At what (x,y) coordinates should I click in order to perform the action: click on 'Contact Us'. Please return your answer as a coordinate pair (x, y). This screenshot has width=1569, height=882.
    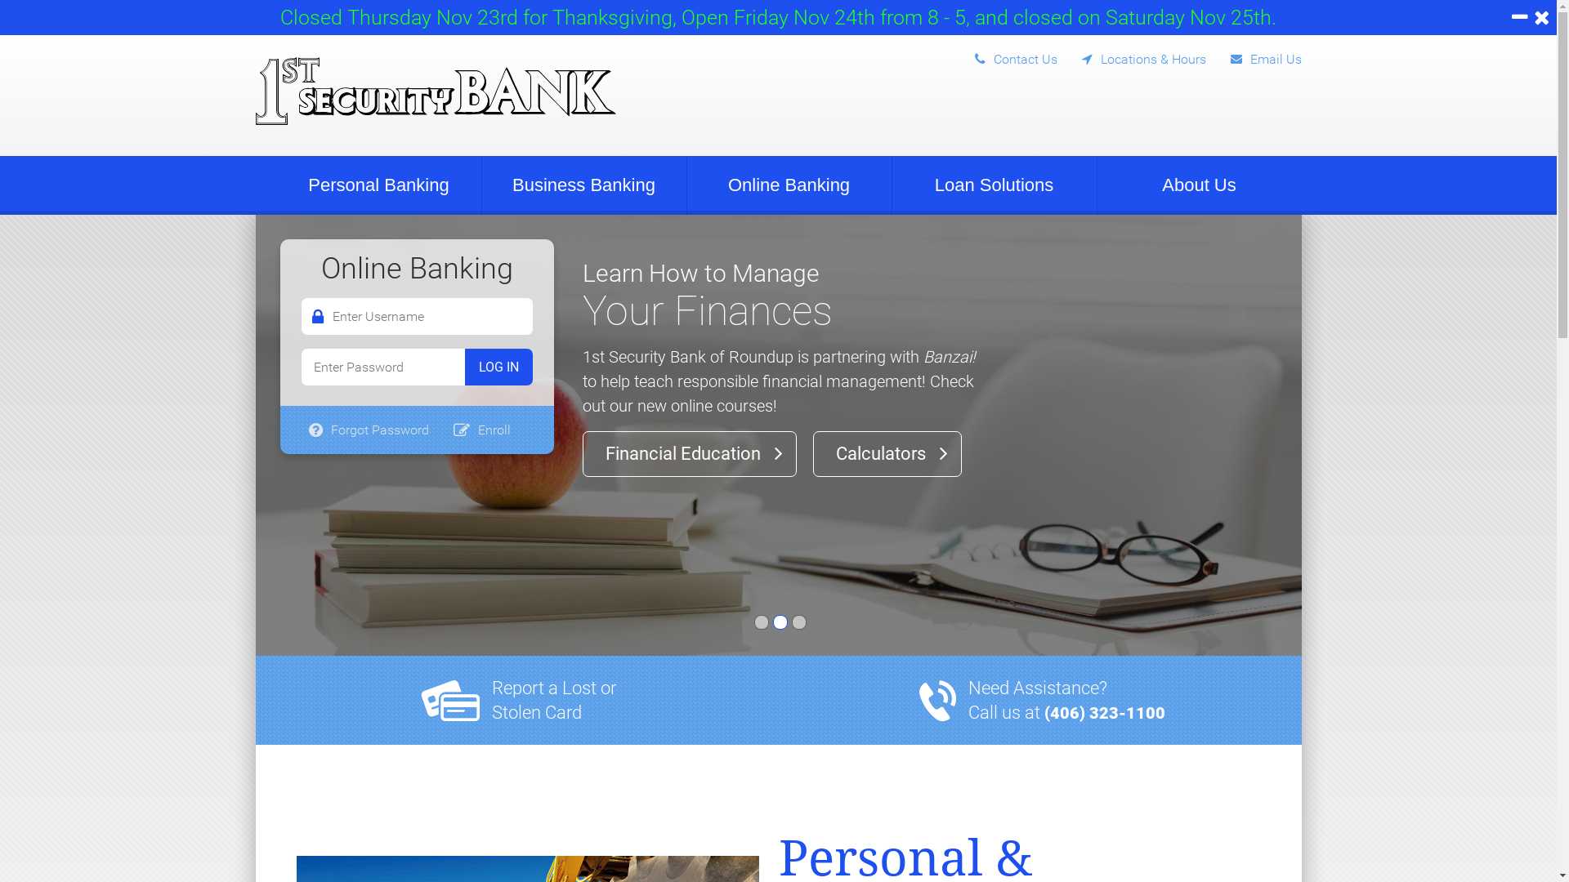
    Looking at the image, I should click on (1002, 55).